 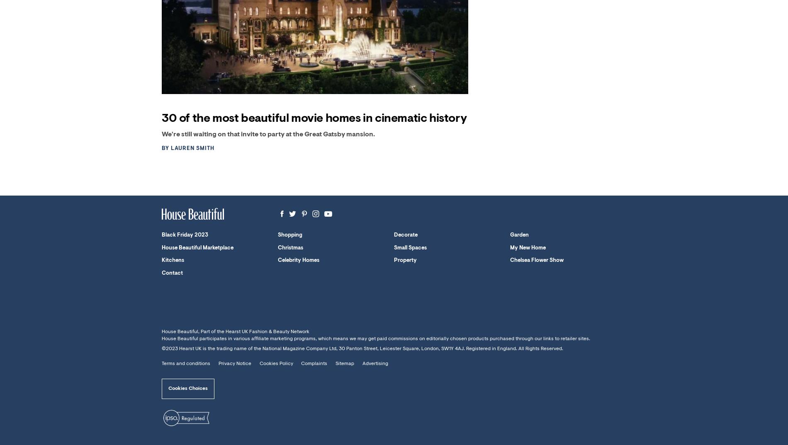 What do you see at coordinates (184, 235) in the screenshot?
I see `'Black Friday 2023'` at bounding box center [184, 235].